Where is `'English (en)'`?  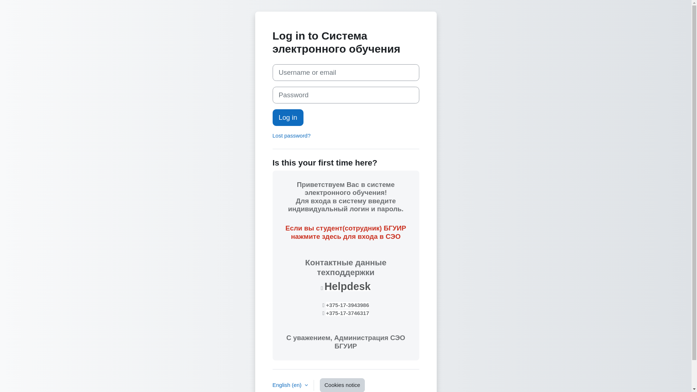
'English (en)' is located at coordinates (289, 385).